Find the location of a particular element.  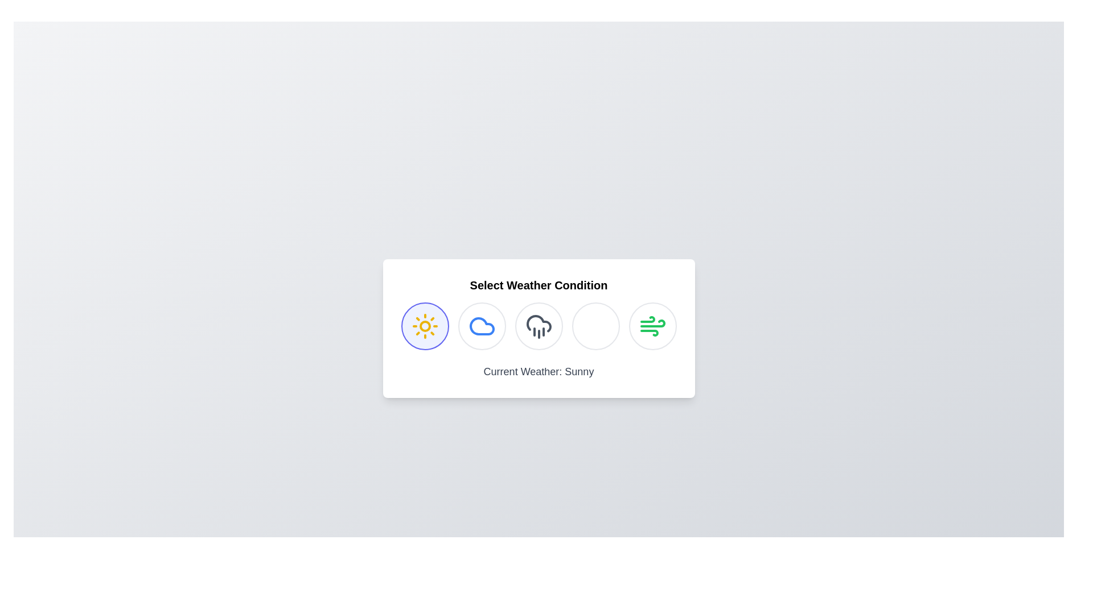

the circular icon button representing rainy weather, which is the third item in a horizontally-aligned list of five weather condition icons is located at coordinates (538, 326).